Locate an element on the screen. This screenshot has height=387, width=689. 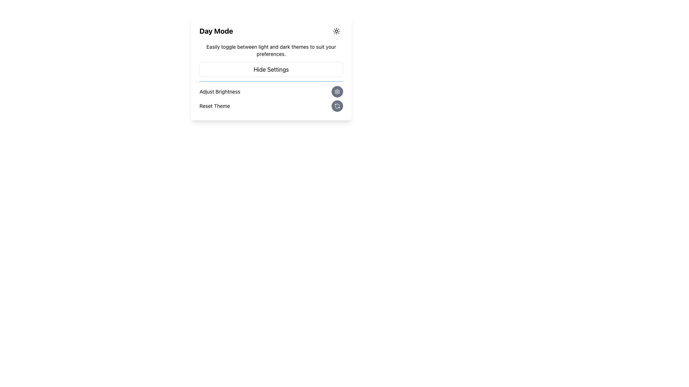
the label located under the 'Day Mode' header, aligned to the left of the 'Hide Settings' button and preceding an icon button on its right is located at coordinates (219, 91).